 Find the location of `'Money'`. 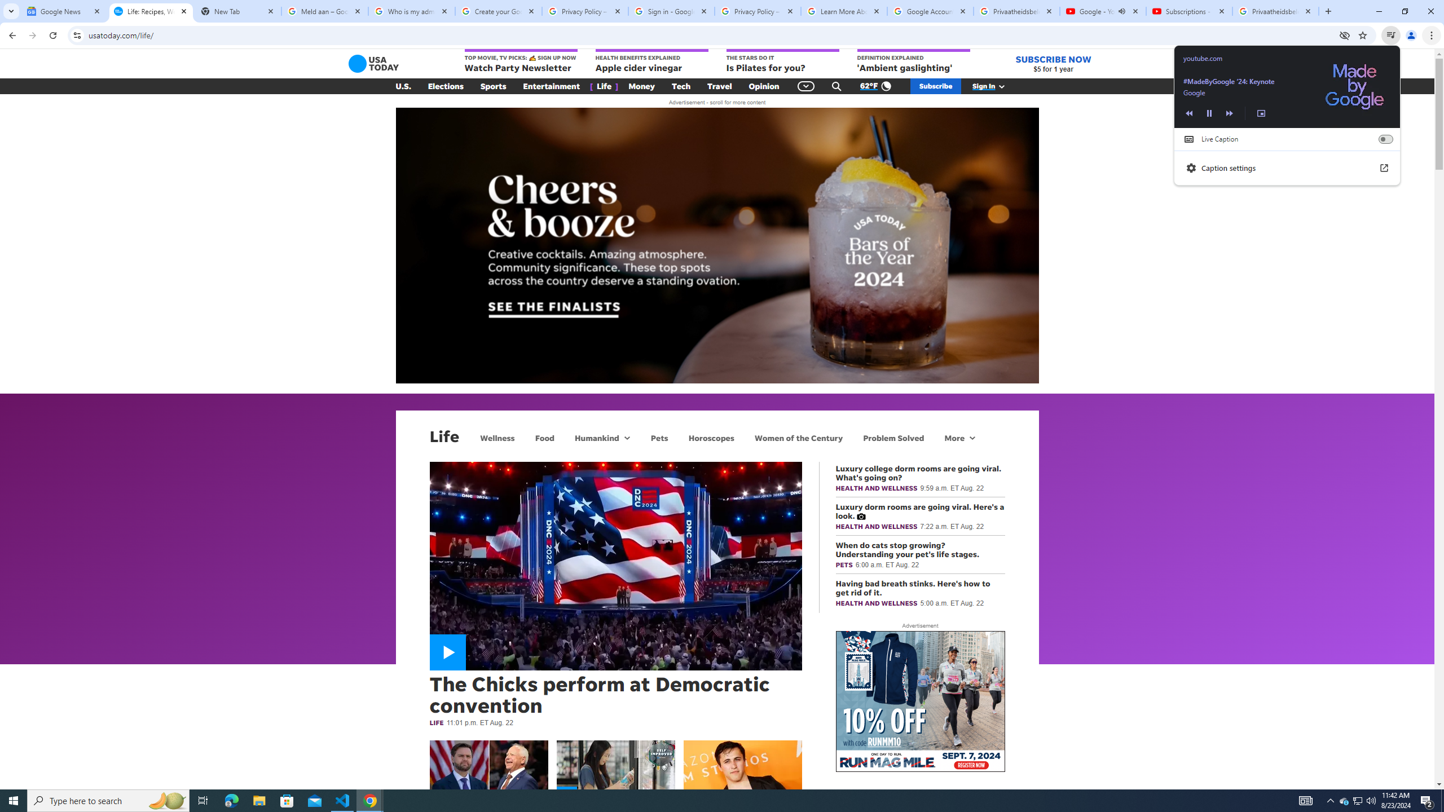

'Money' is located at coordinates (641, 86).